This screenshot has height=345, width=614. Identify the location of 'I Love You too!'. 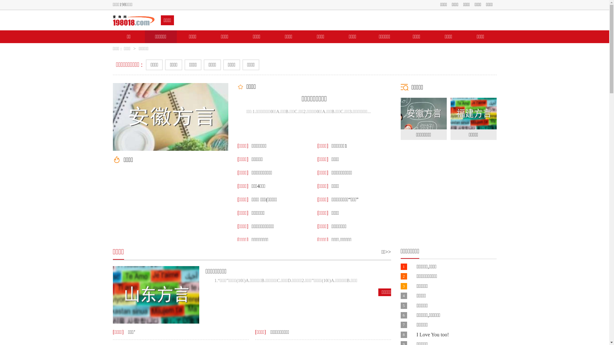
(432, 334).